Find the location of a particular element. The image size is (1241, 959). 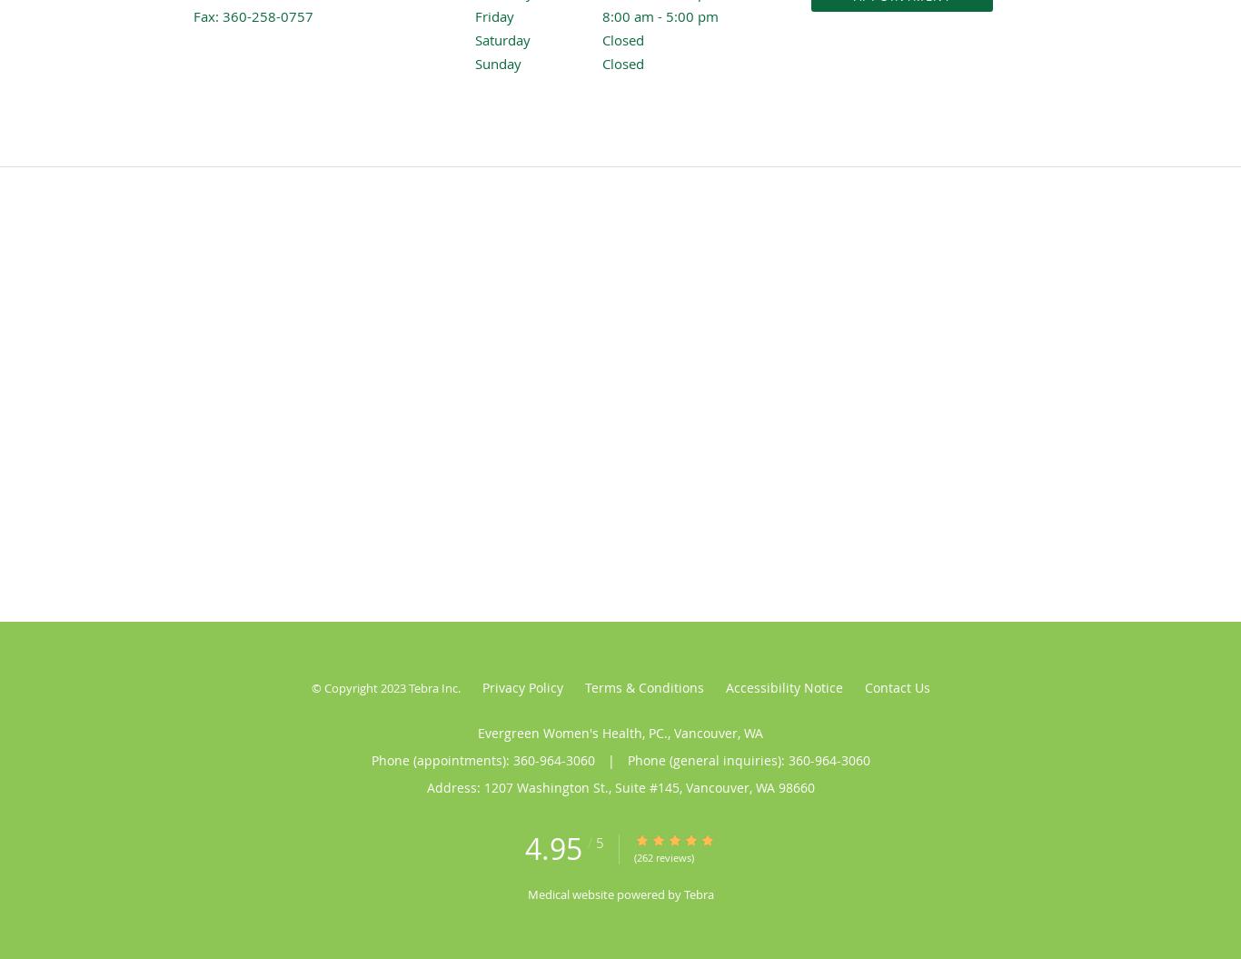

'8:00 am
                      - 5:00 pm' is located at coordinates (660, 15).